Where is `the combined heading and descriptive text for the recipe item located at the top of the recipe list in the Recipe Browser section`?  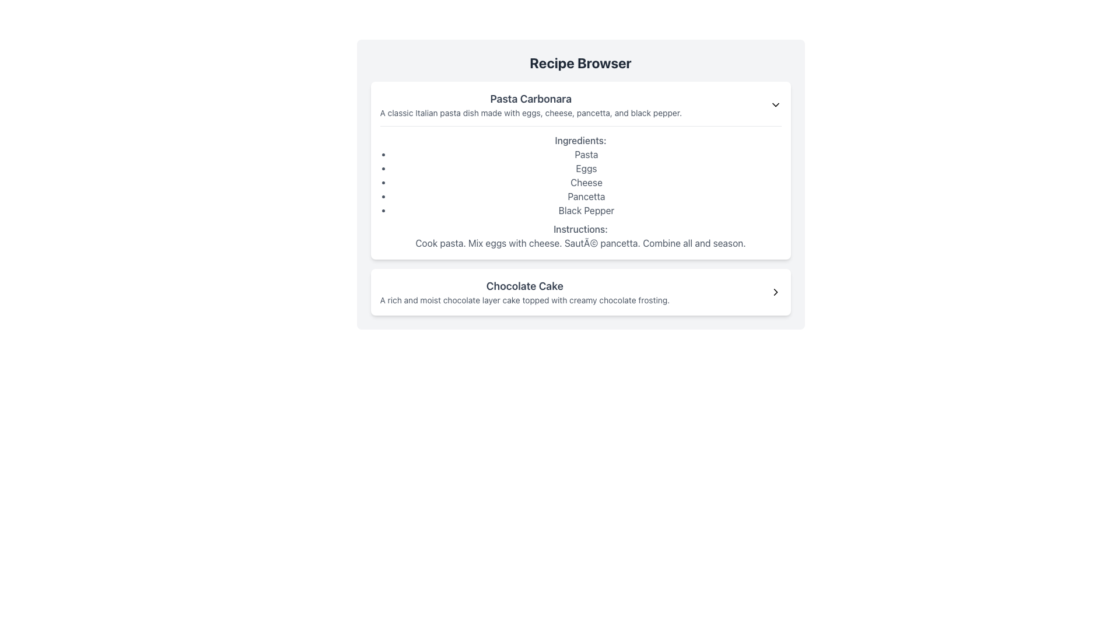 the combined heading and descriptive text for the recipe item located at the top of the recipe list in the Recipe Browser section is located at coordinates (530, 105).